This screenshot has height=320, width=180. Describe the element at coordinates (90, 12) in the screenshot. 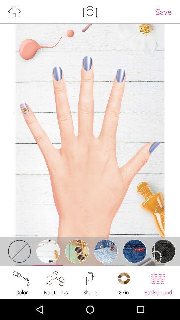

I see `the photo icon` at that location.